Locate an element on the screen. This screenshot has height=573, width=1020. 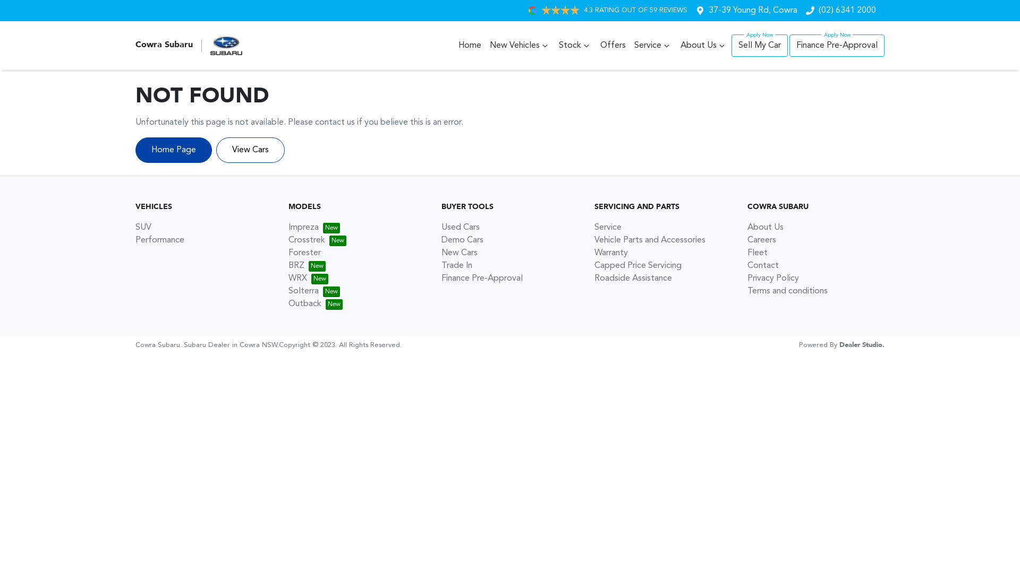
'Contact' is located at coordinates (762, 265).